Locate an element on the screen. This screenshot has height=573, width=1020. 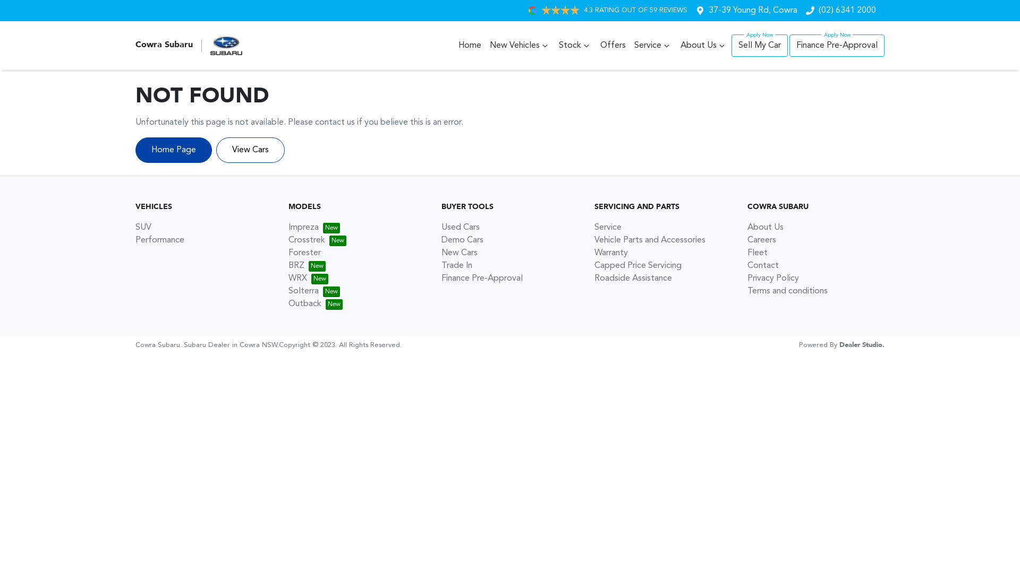
'Contact' is located at coordinates (762, 265).